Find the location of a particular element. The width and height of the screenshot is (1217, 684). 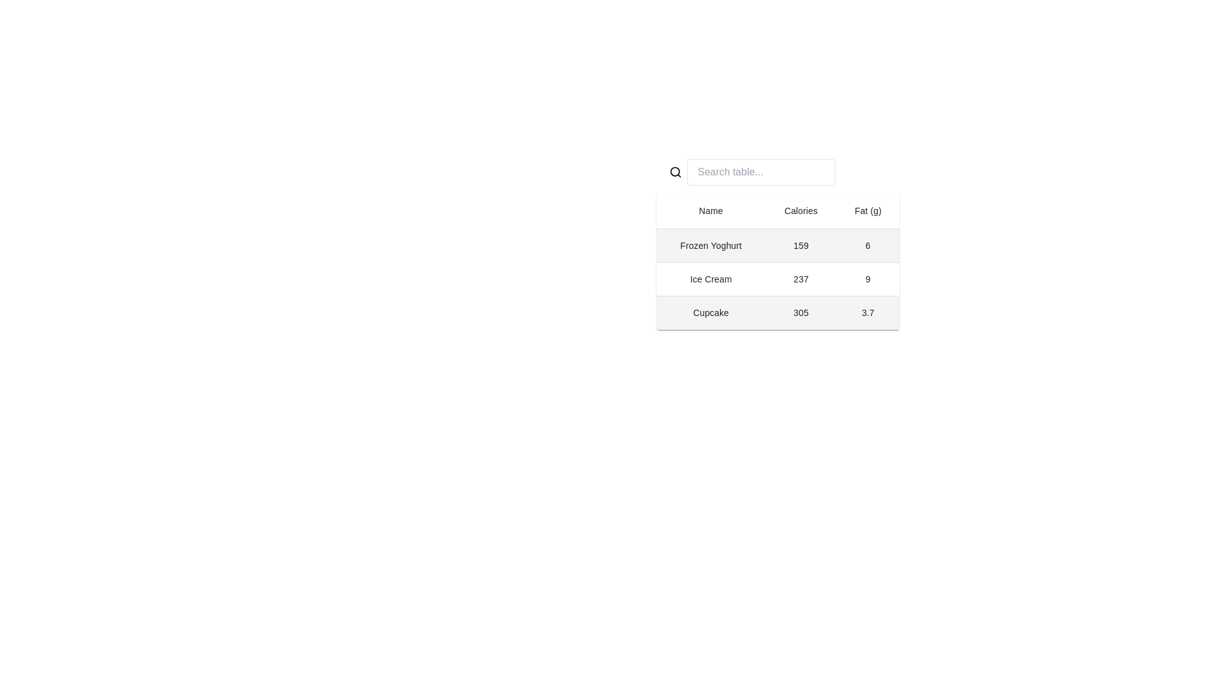

the third cell in the last row of the table that indicates the fat content in grams for the 'Cupcake' item is located at coordinates (867, 312).